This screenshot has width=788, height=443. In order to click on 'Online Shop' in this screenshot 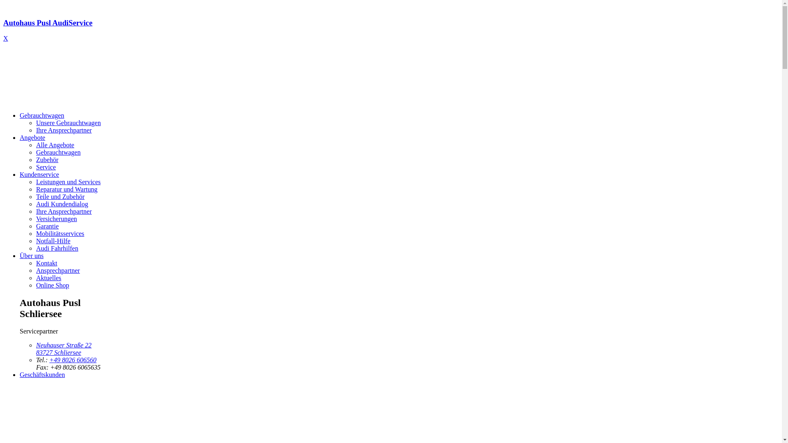, I will do `click(52, 285)`.